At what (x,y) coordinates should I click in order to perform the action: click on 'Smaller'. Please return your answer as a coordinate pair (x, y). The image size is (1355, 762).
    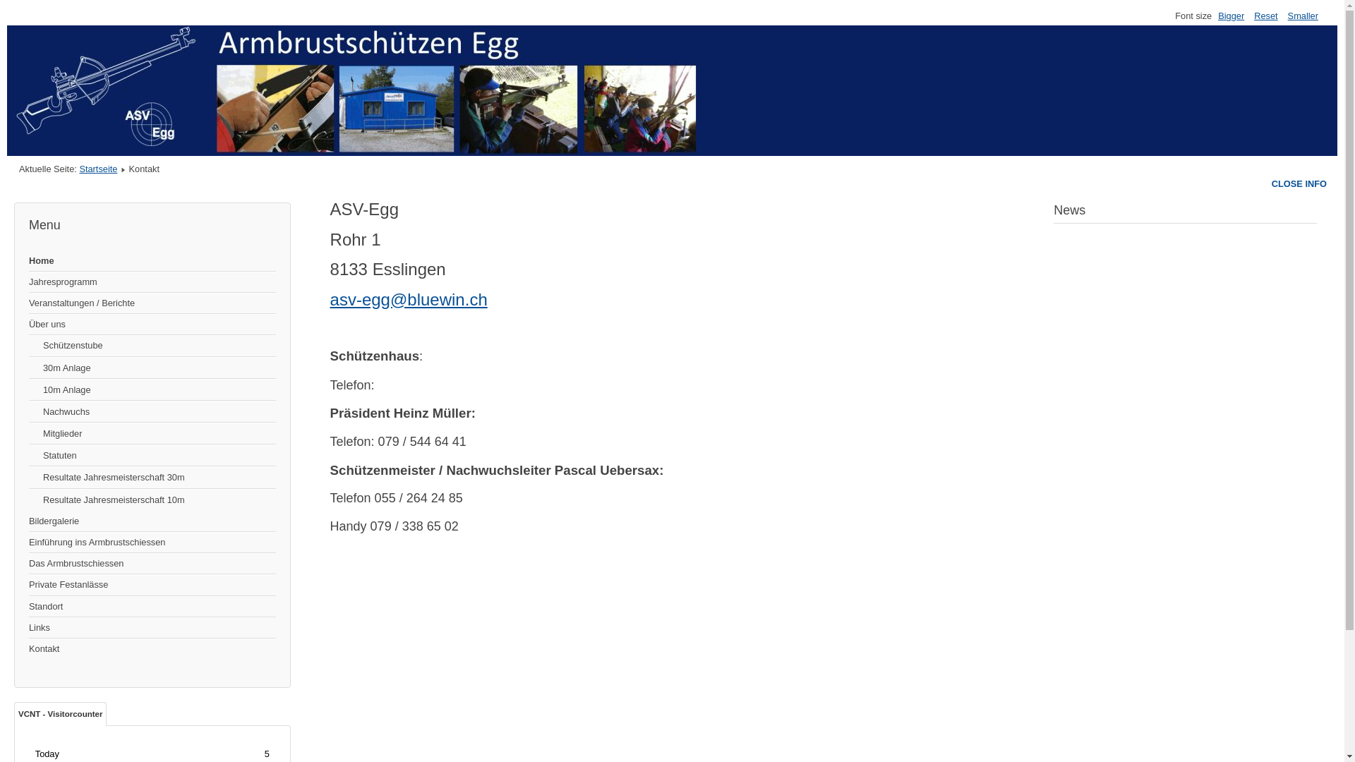
    Looking at the image, I should click on (1302, 16).